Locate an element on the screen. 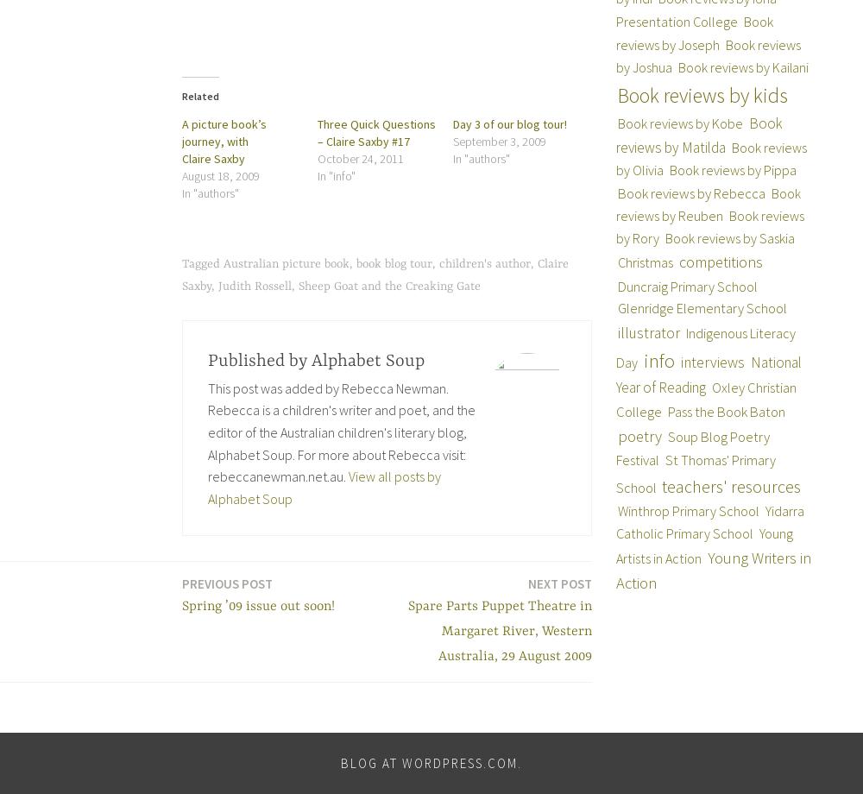 This screenshot has height=794, width=863. 'Book reviews by Reuben' is located at coordinates (707, 204).